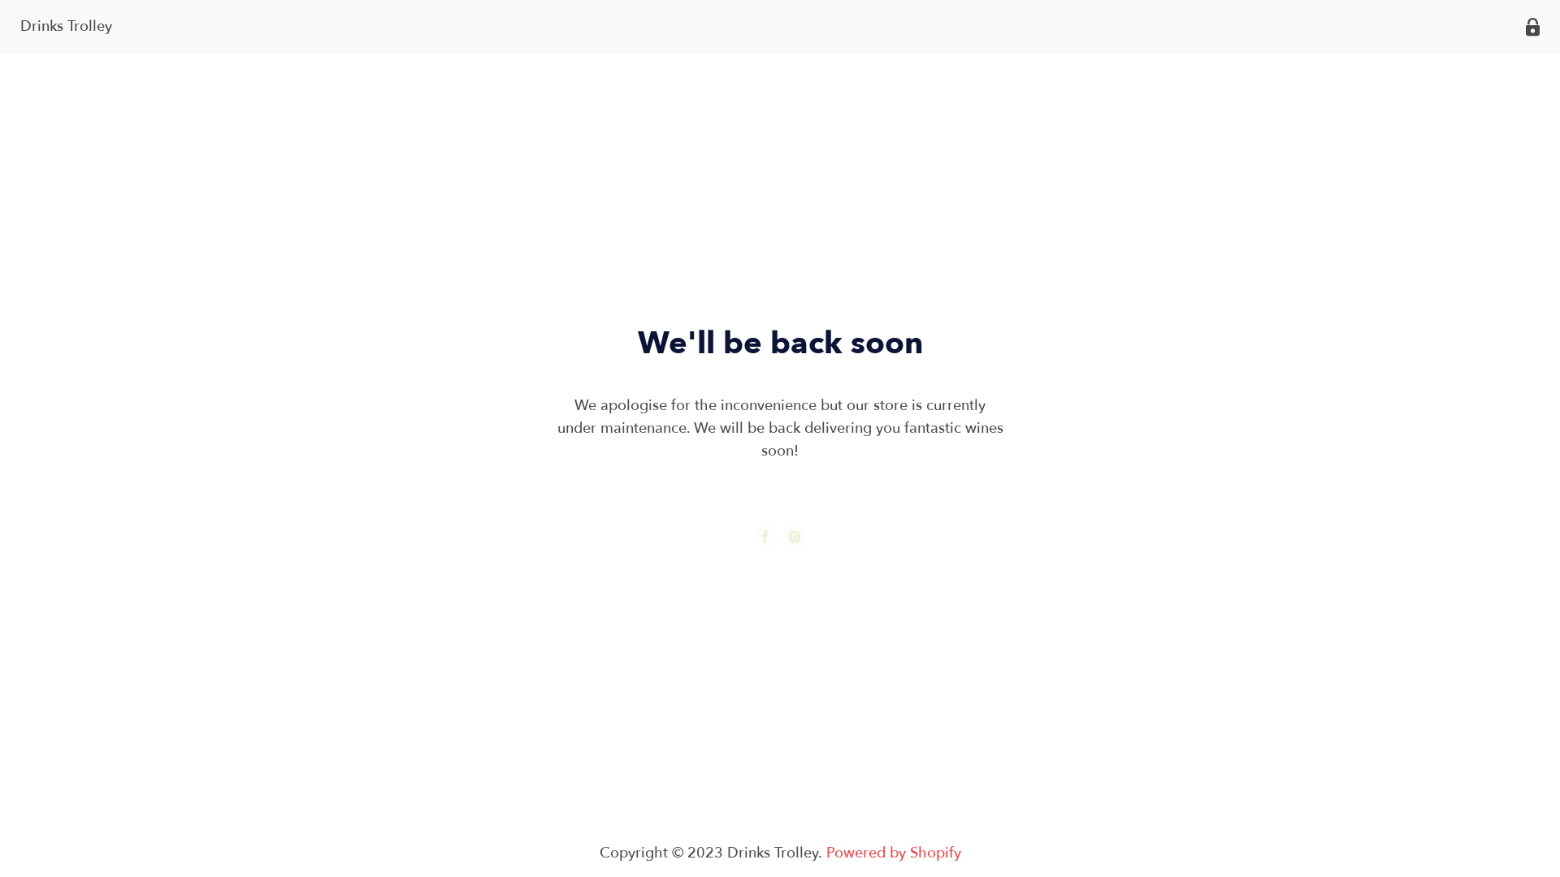  I want to click on 'Find us on Instagram', so click(795, 535).